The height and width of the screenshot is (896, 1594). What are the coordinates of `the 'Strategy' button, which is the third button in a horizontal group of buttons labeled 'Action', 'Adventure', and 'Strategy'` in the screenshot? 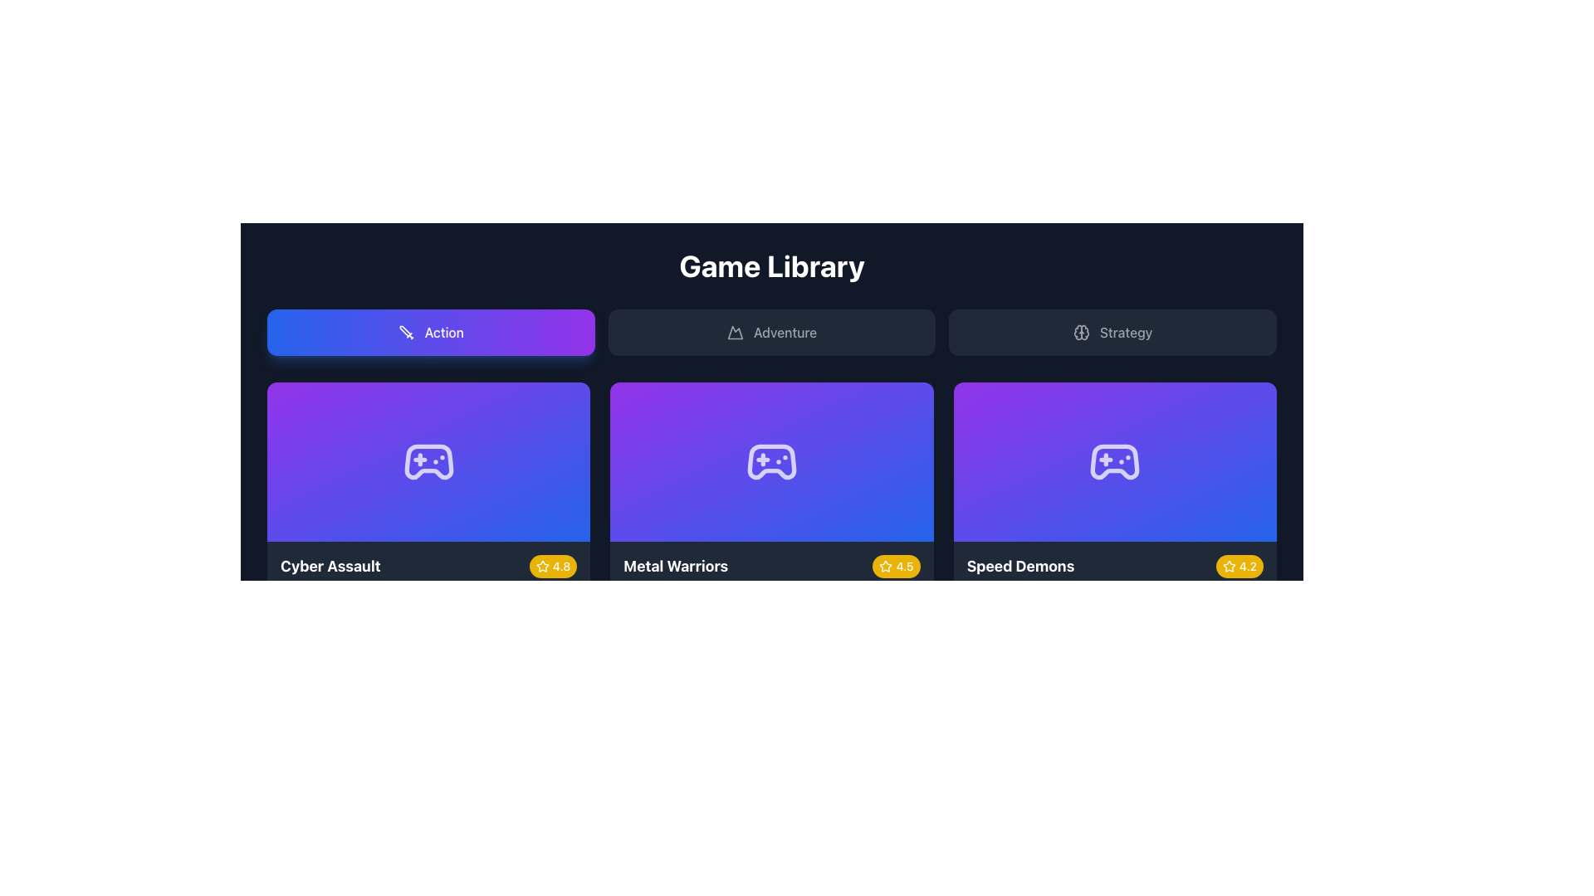 It's located at (1112, 333).